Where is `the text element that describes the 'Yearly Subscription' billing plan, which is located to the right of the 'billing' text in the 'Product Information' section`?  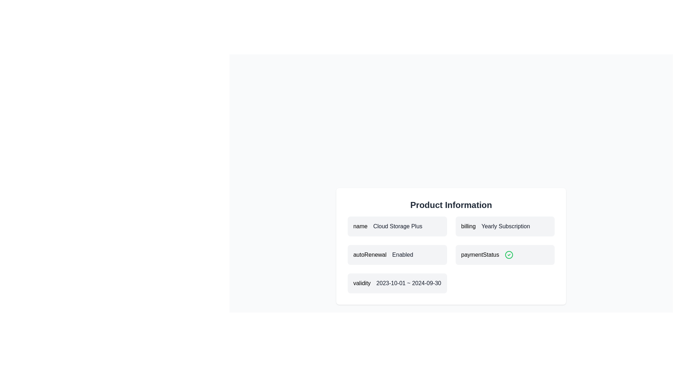
the text element that describes the 'Yearly Subscription' billing plan, which is located to the right of the 'billing' text in the 'Product Information' section is located at coordinates (505, 226).